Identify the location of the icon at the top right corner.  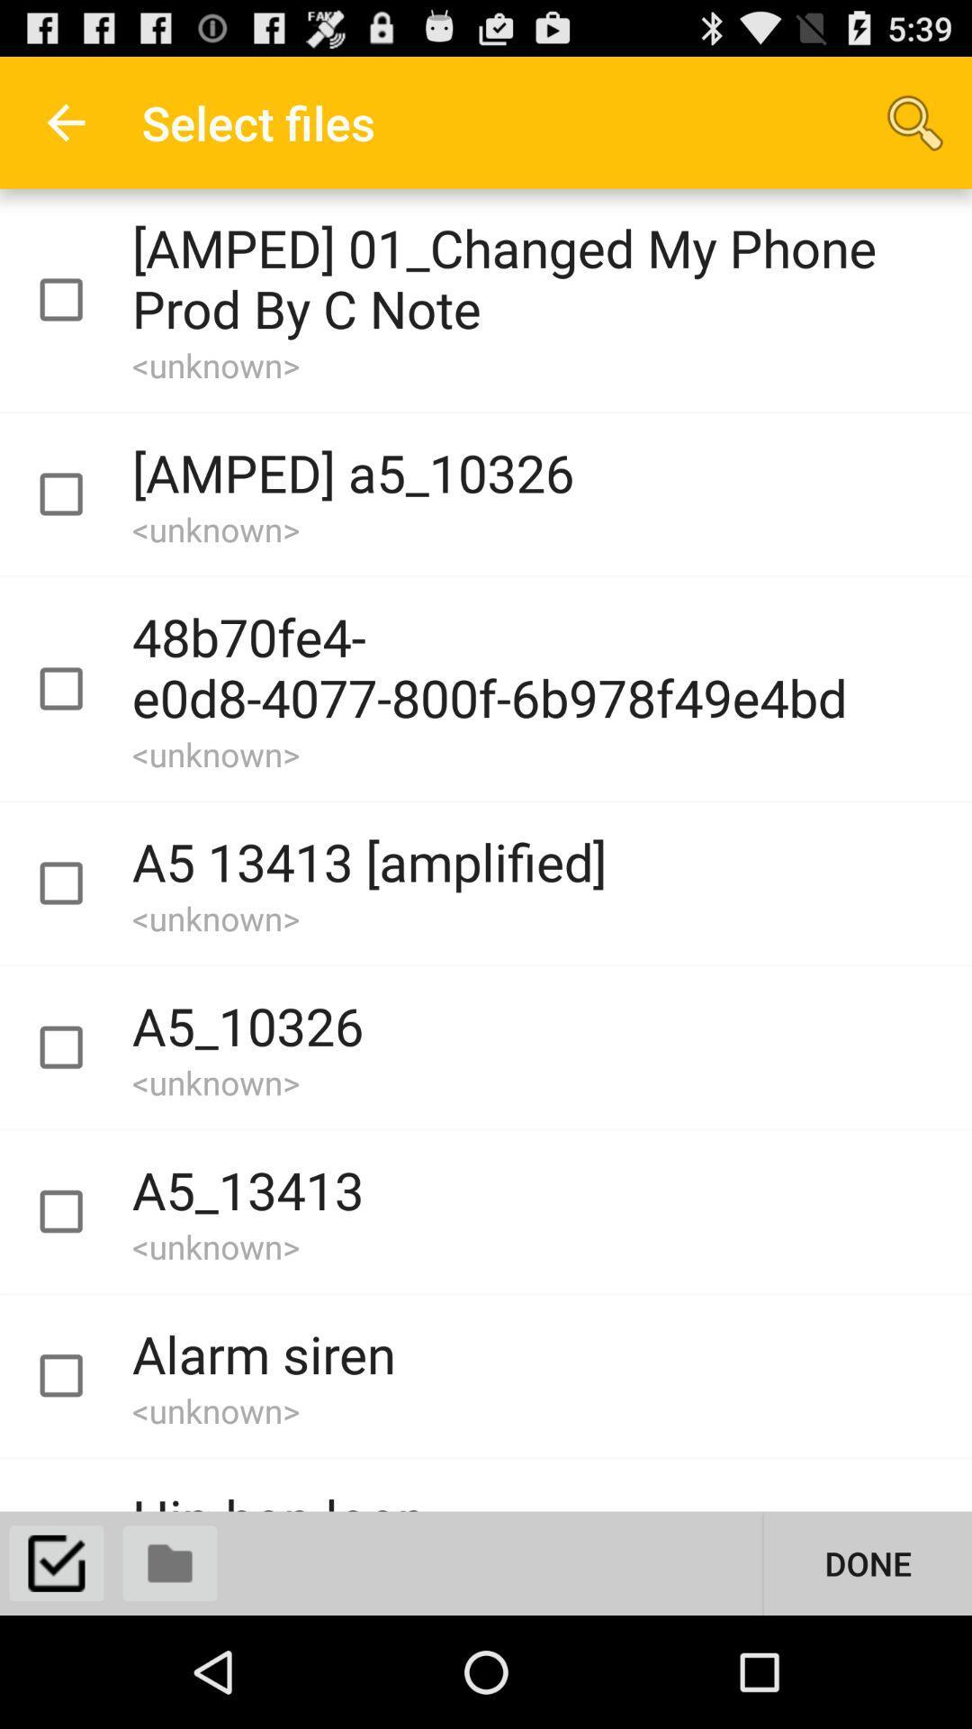
(915, 122).